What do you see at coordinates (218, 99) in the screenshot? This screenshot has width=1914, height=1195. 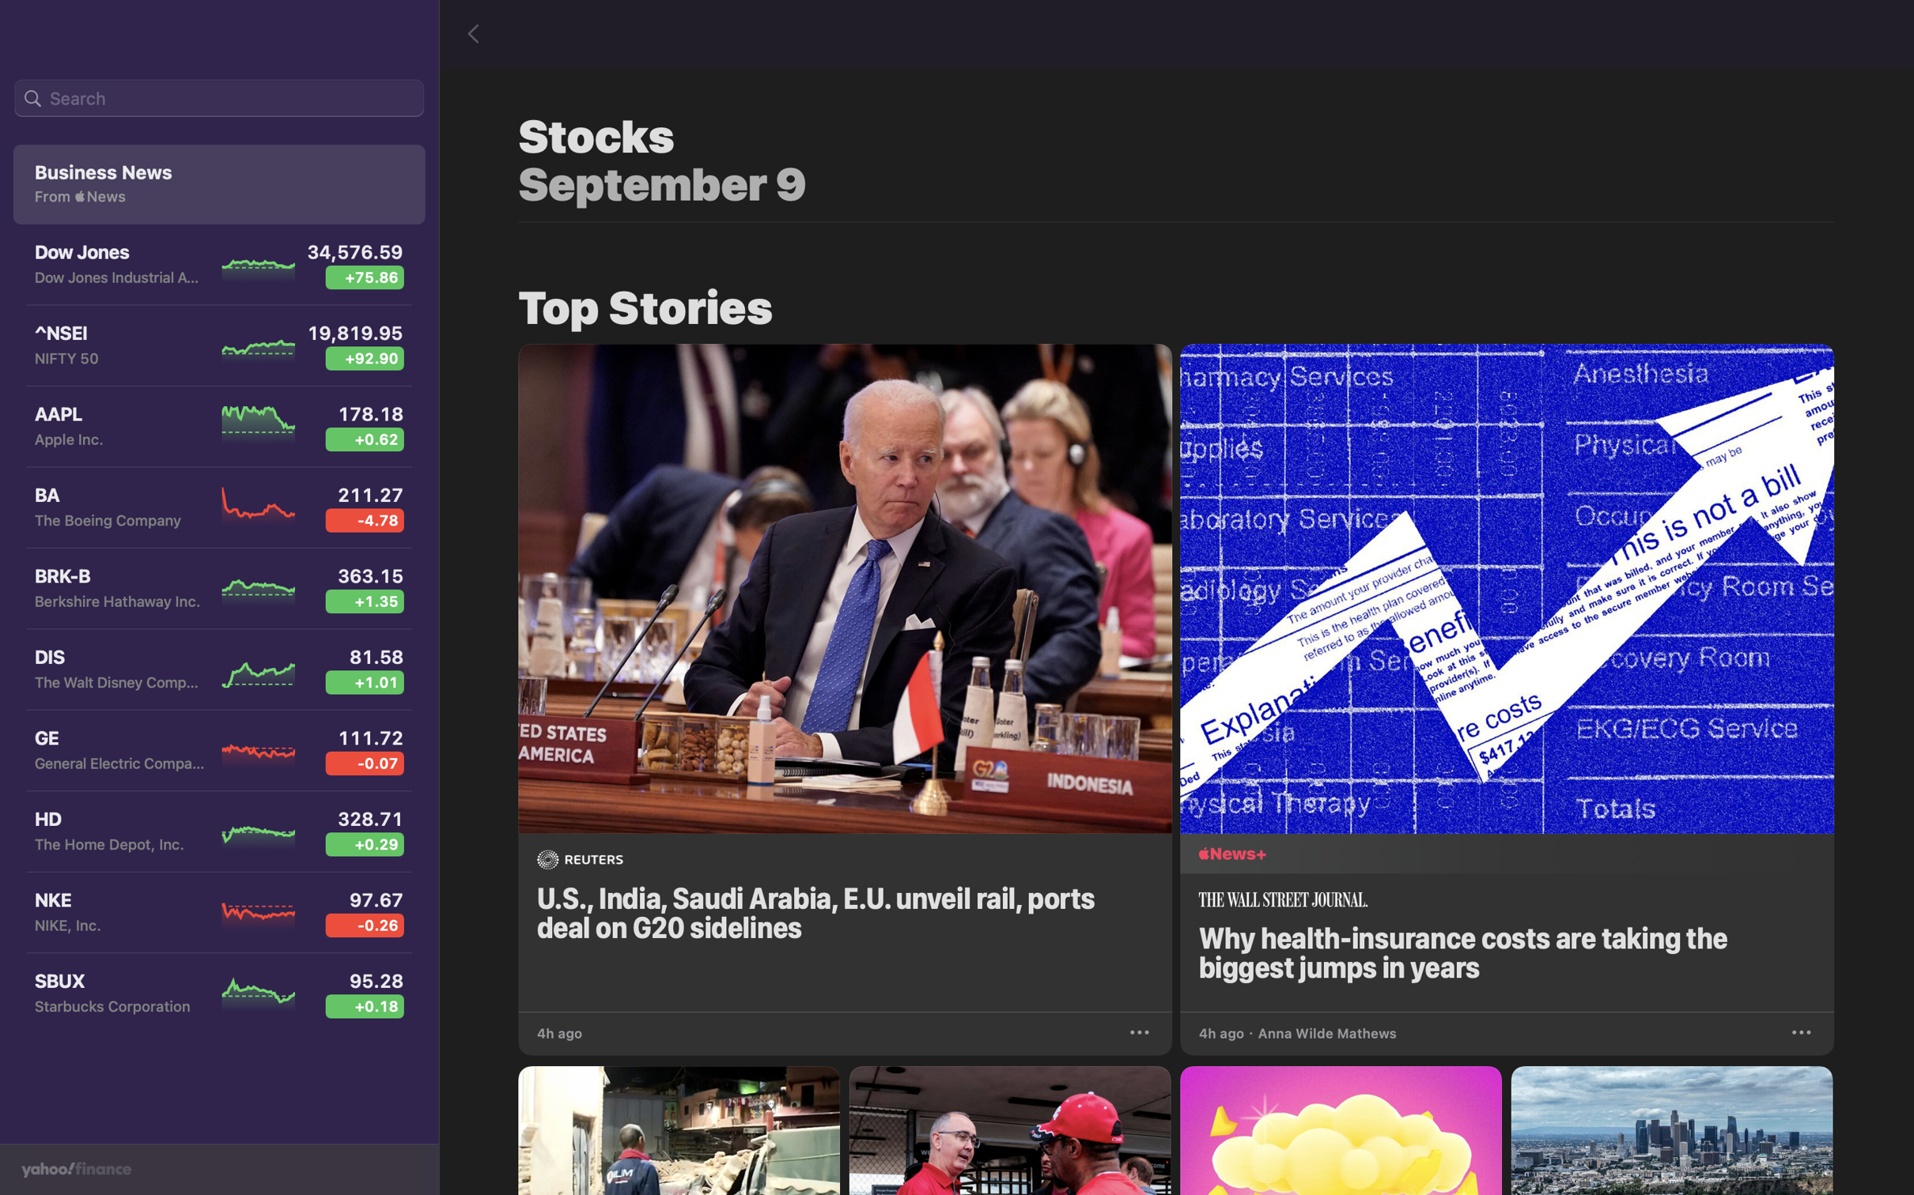 I see `Search for the "Berkshire Hathway" stock in the bar on top left` at bounding box center [218, 99].